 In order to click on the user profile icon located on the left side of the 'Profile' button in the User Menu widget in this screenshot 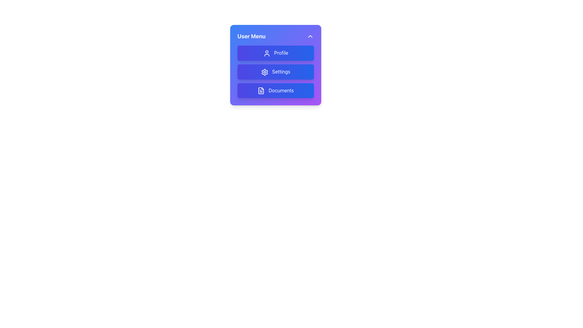, I will do `click(267, 53)`.